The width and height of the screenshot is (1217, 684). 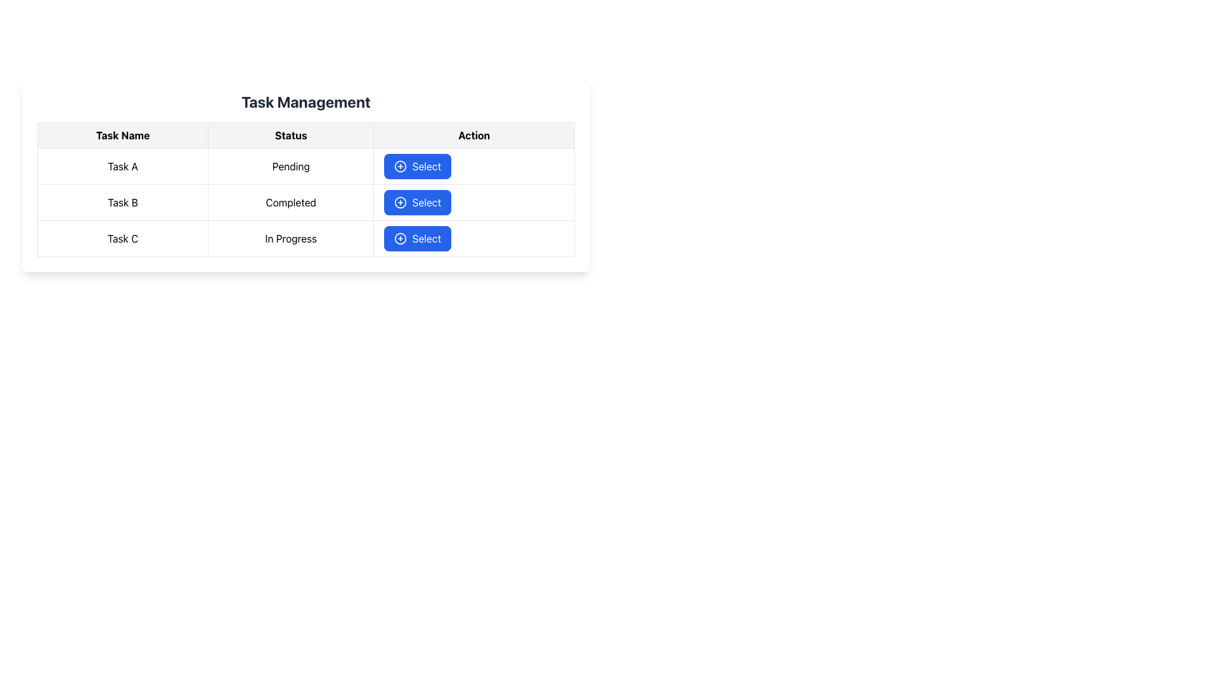 I want to click on the circular SVG icon button with a blue outline located in the 'Action' column of the last row (third row) of the table, which represents a selectable action for 'Task C', so click(x=400, y=239).